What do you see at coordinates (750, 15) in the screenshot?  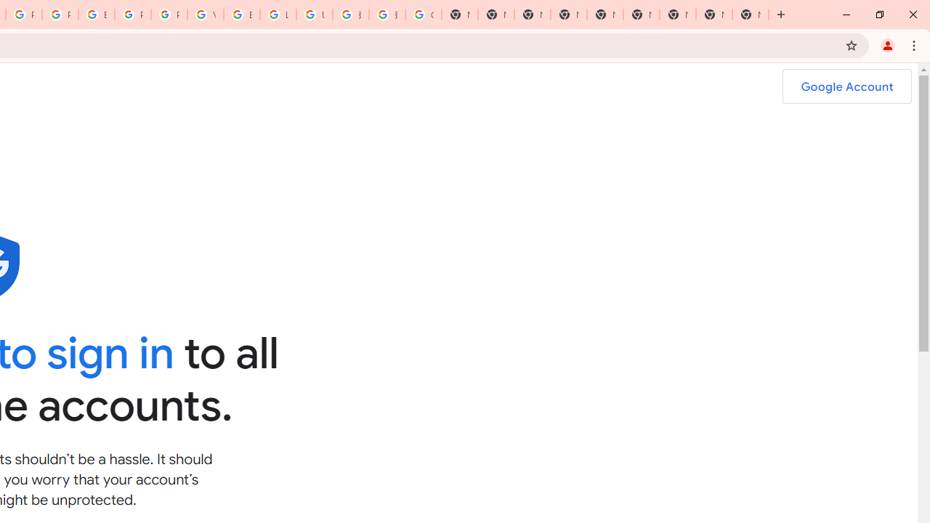 I see `'New Tab'` at bounding box center [750, 15].